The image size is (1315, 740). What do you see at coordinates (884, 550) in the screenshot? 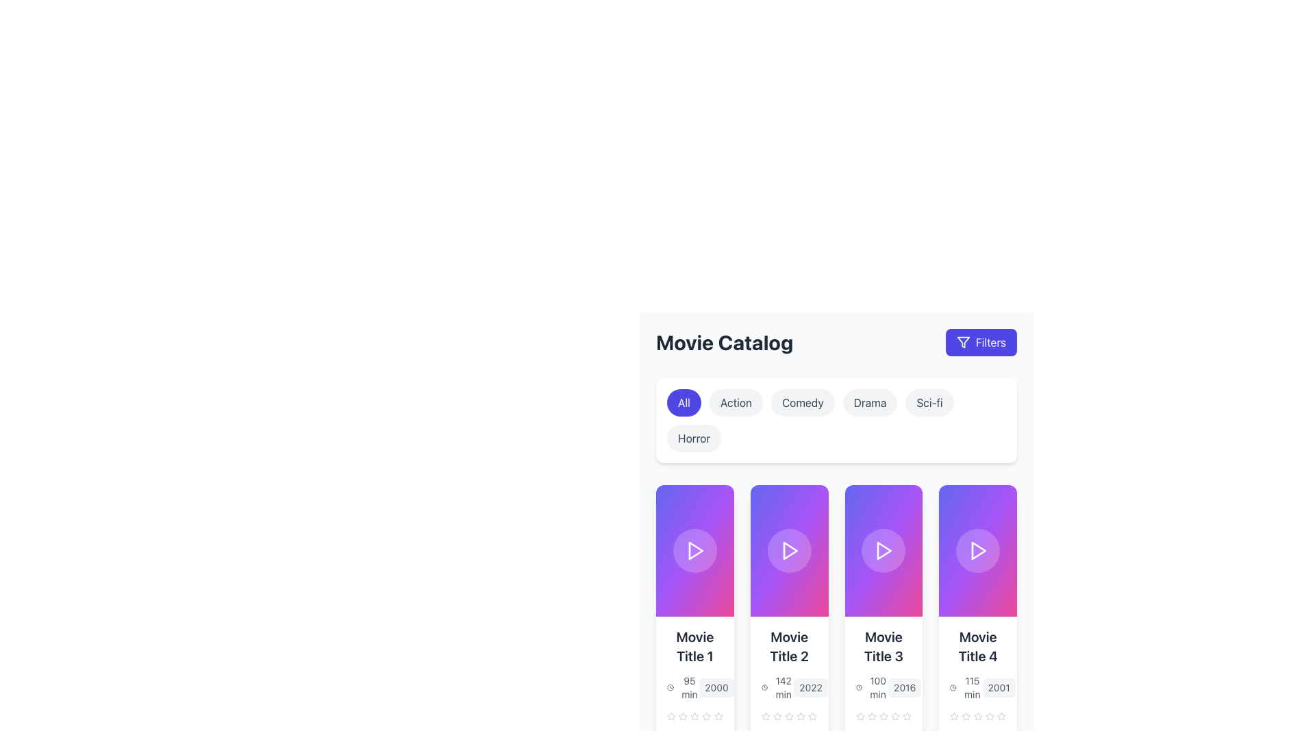
I see `the play button located in the center of the third movie card labeled 'Movie Title 3'` at bounding box center [884, 550].